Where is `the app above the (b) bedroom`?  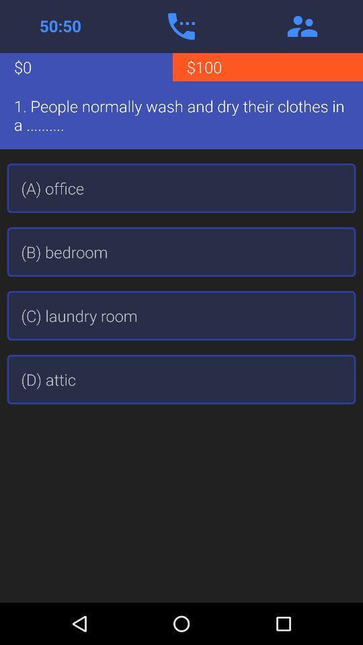
the app above the (b) bedroom is located at coordinates (182, 187).